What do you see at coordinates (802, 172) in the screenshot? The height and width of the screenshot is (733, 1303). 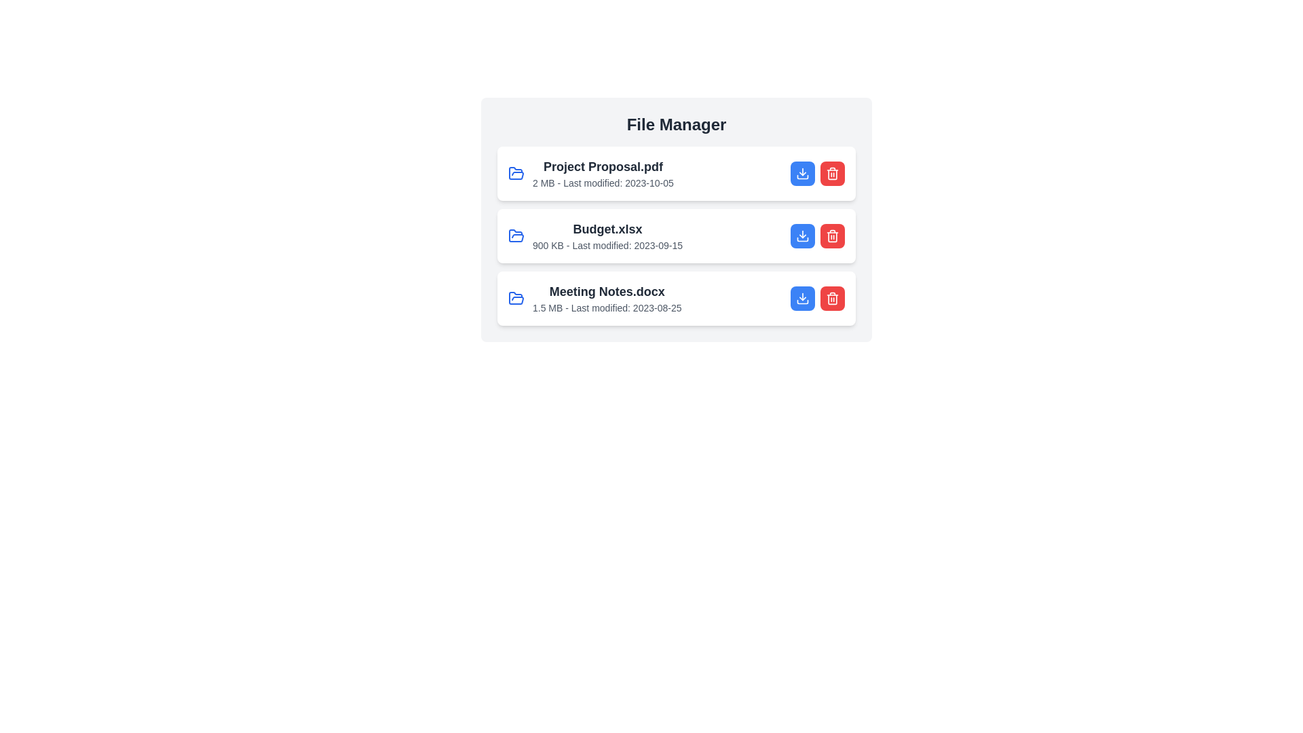 I see `download button for the file named Project Proposal.pdf` at bounding box center [802, 172].